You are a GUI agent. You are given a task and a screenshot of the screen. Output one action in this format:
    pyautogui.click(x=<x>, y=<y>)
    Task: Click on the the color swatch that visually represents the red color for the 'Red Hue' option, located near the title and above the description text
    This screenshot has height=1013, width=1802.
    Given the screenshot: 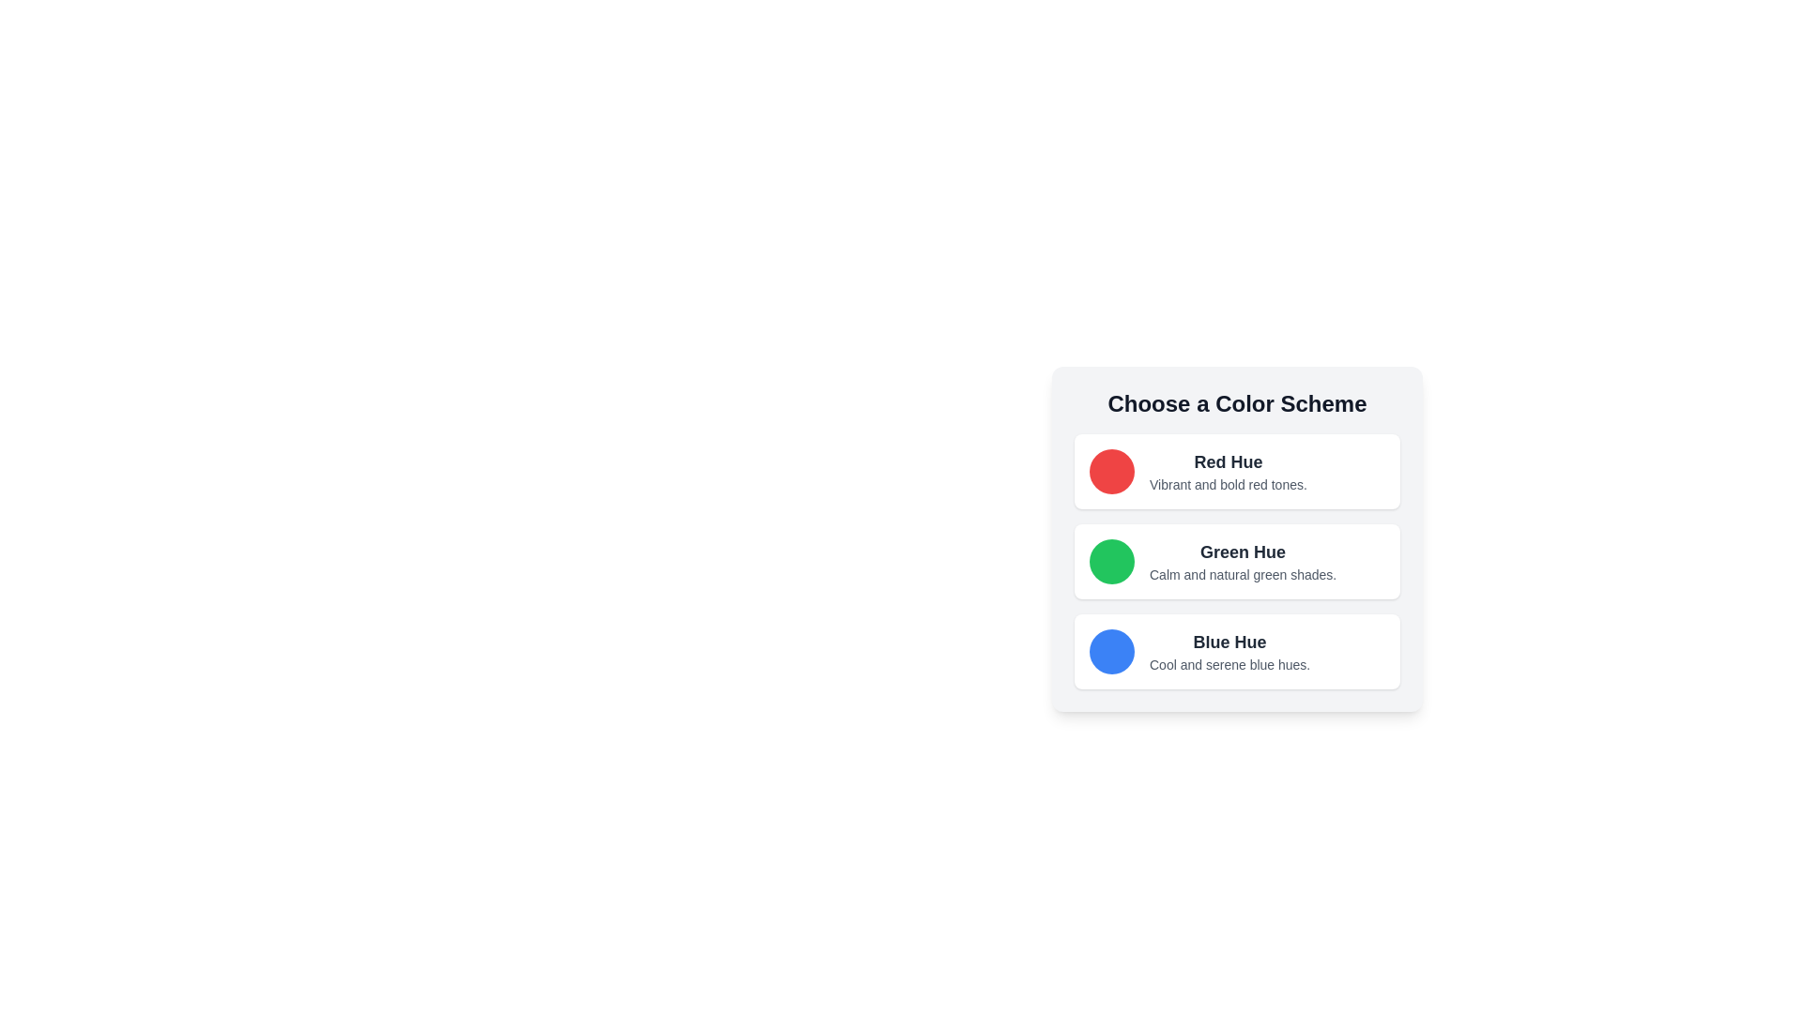 What is the action you would take?
    pyautogui.click(x=1112, y=470)
    